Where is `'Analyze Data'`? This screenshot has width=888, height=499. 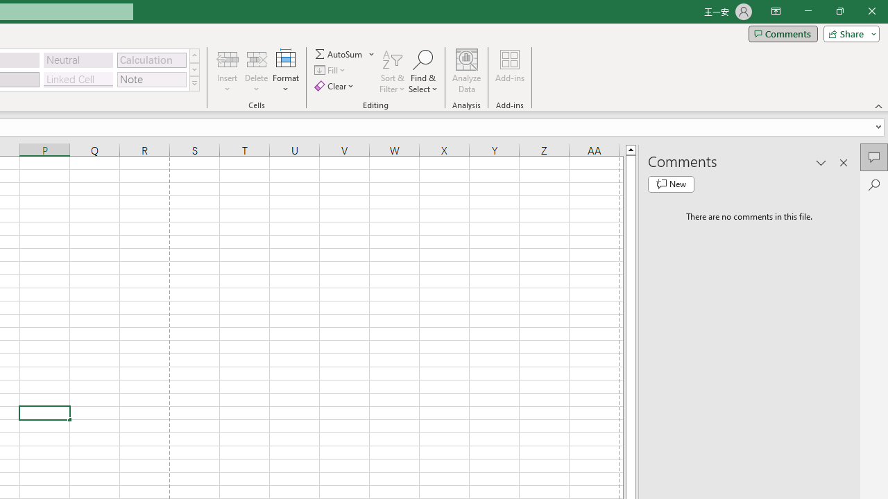
'Analyze Data' is located at coordinates (467, 71).